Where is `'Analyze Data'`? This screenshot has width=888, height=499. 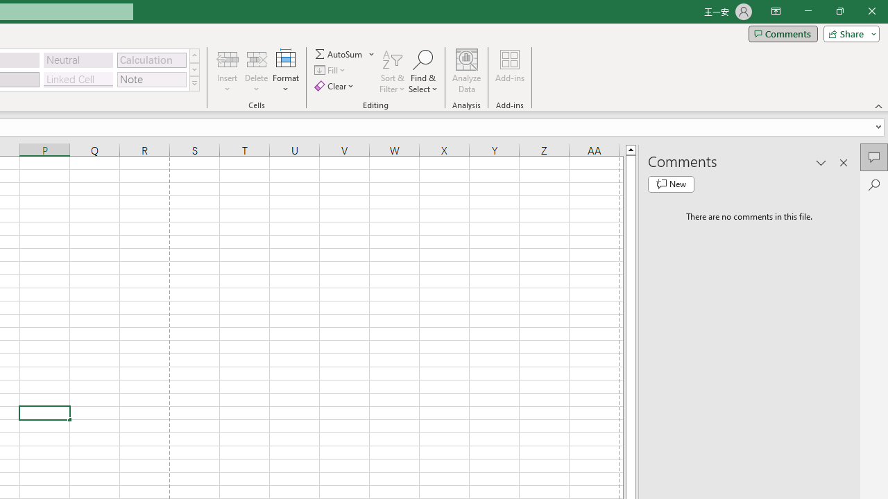
'Analyze Data' is located at coordinates (467, 71).